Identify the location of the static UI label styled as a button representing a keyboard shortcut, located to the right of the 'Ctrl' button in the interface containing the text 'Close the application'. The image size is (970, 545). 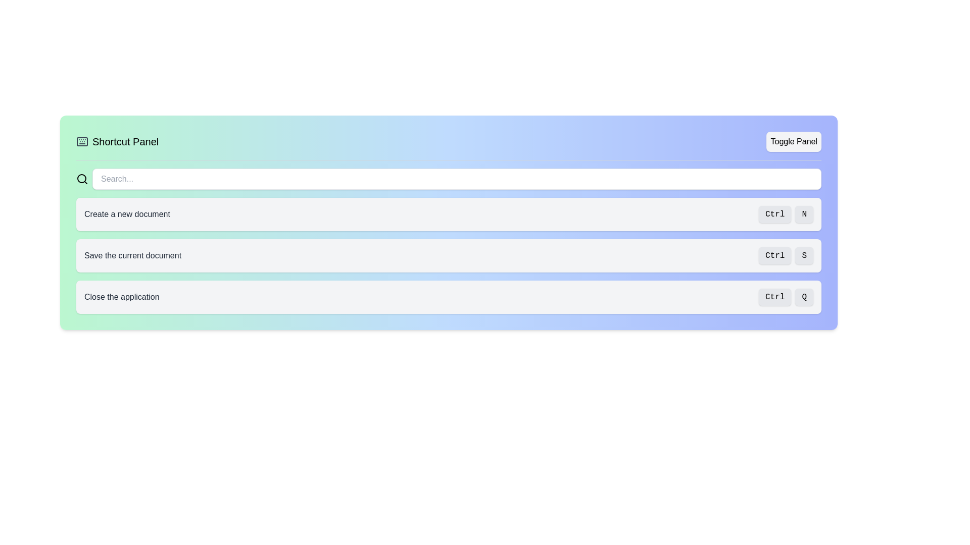
(804, 297).